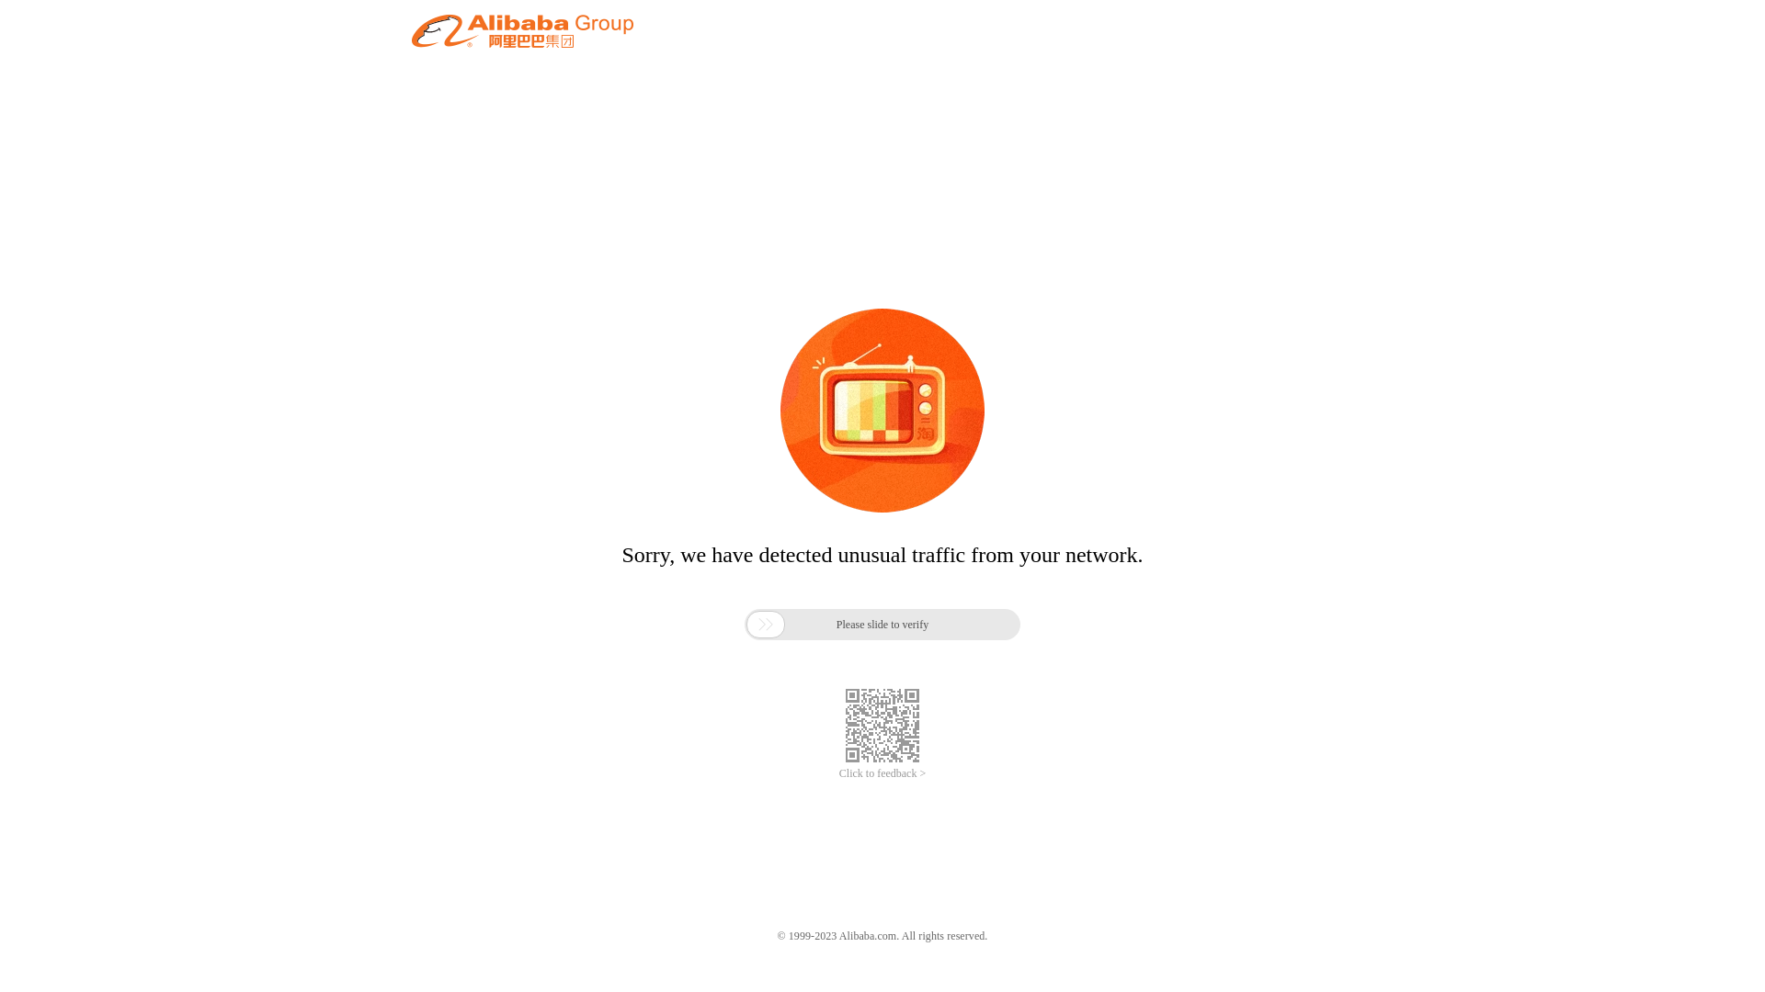 The image size is (1765, 992). Describe the element at coordinates (882, 773) in the screenshot. I see `'Click to feedback >'` at that location.